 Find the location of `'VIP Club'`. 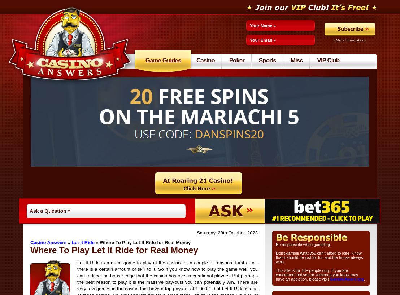

'VIP Club' is located at coordinates (328, 60).